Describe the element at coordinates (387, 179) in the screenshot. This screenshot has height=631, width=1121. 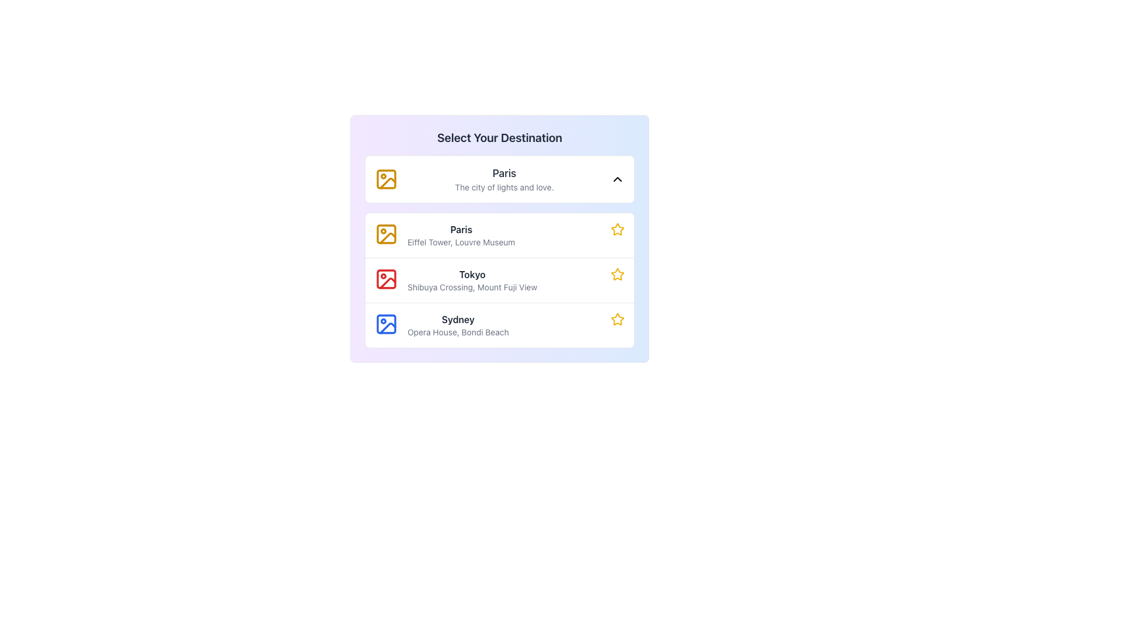
I see `and interact with the decorative yellow background rectangle within the image icon` at that location.